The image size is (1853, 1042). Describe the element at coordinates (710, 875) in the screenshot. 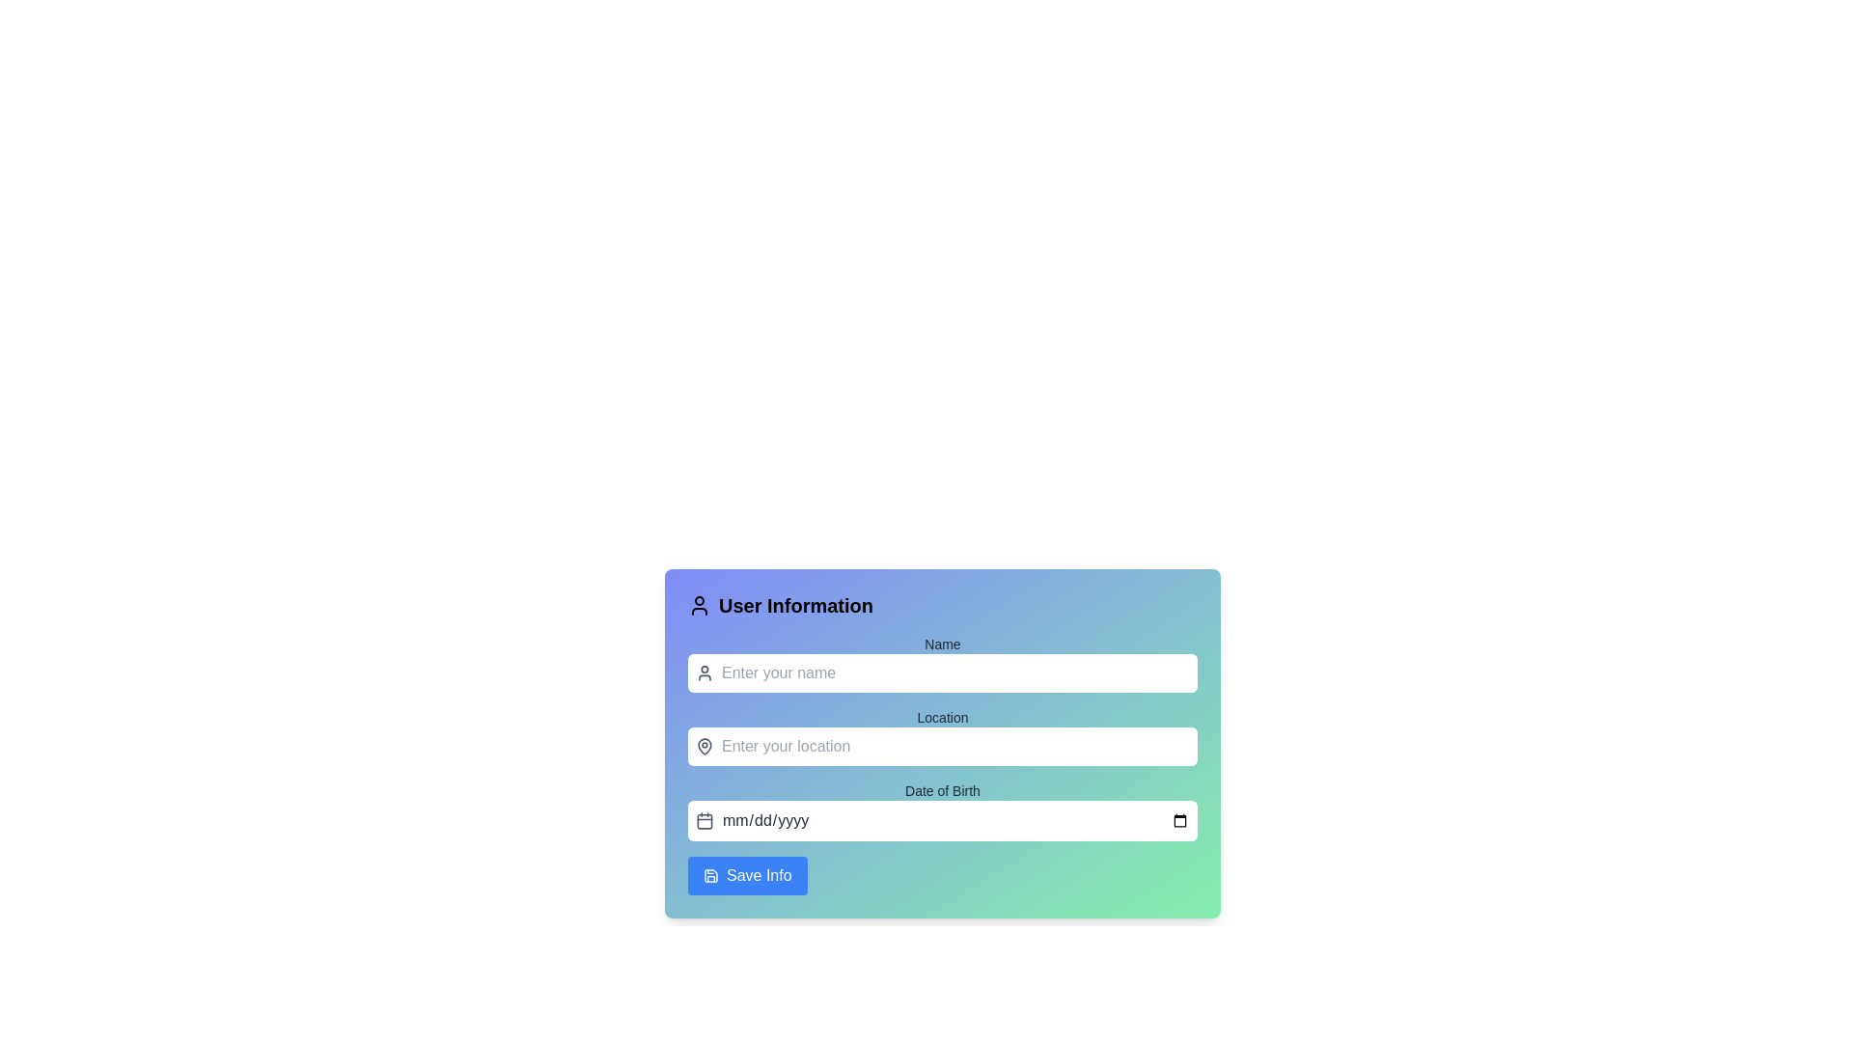

I see `the blue rectangular button containing the save icon, which is positioned to the left of the 'Save Info' text` at that location.